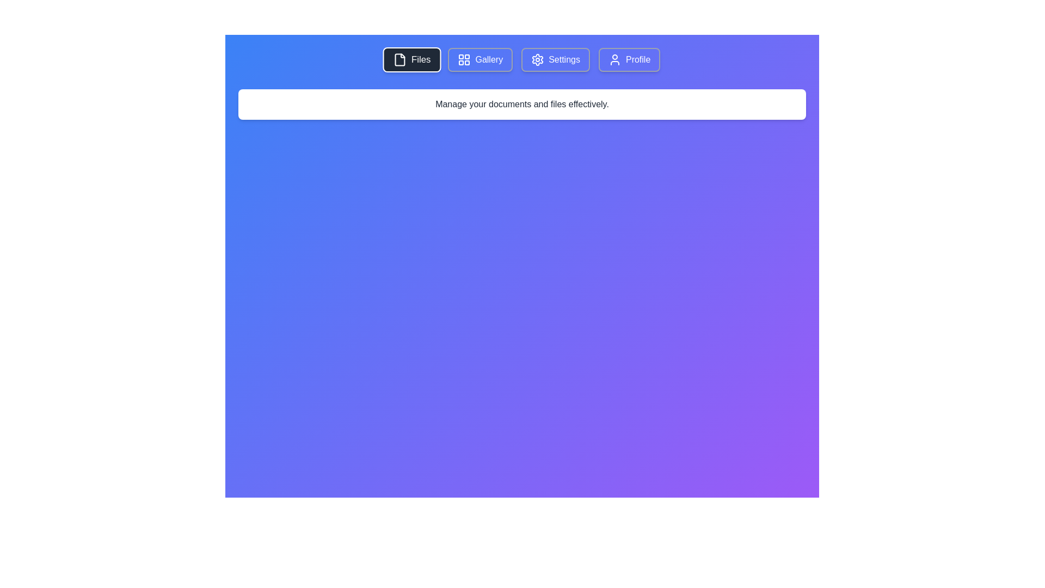  What do you see at coordinates (556, 60) in the screenshot?
I see `the settings button located in the navigation bar` at bounding box center [556, 60].